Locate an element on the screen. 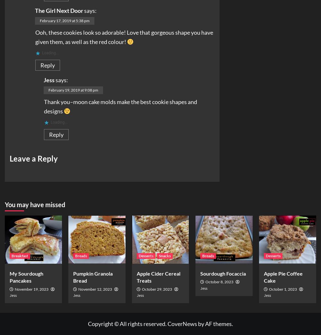 The image size is (321, 335). 'Thank you–moon cake molds make the best cookie shapes and designs' is located at coordinates (120, 106).